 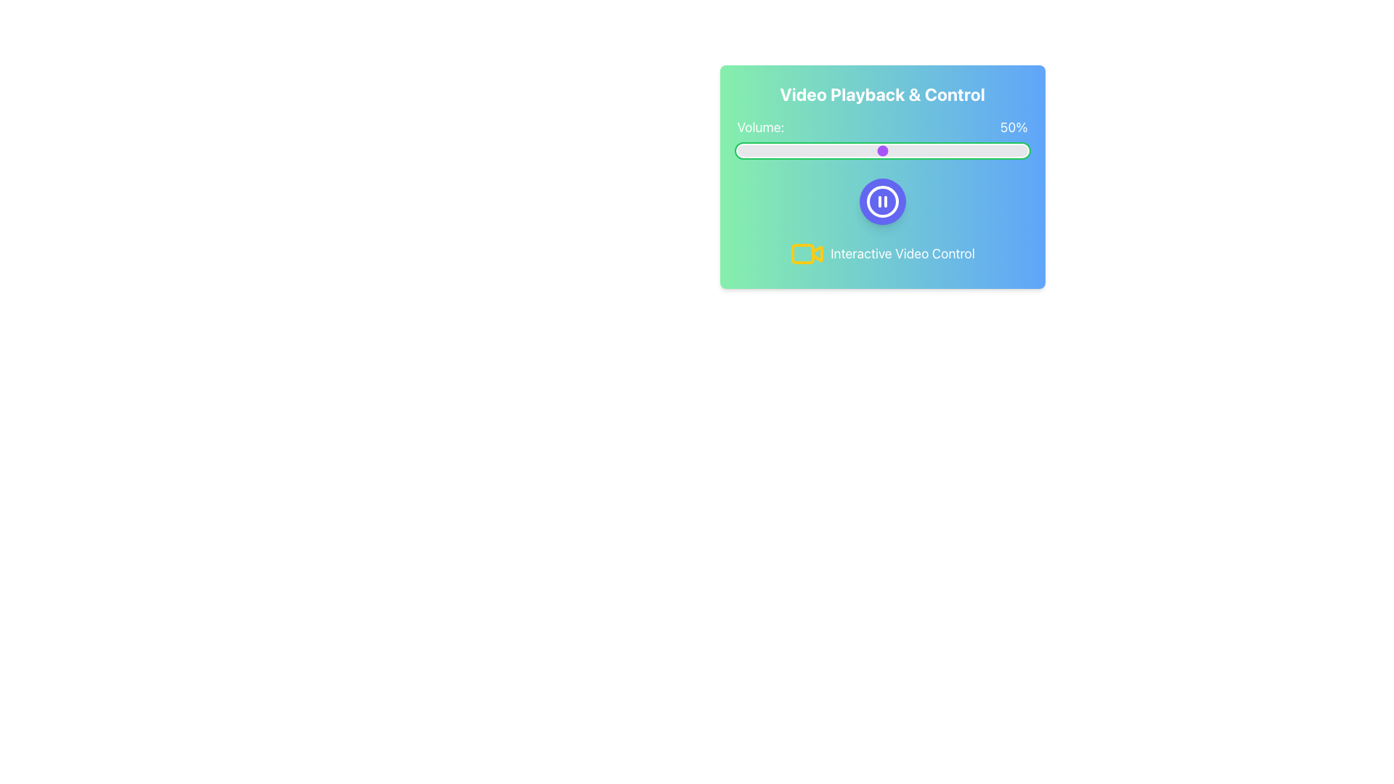 What do you see at coordinates (881, 201) in the screenshot?
I see `the central playback control button` at bounding box center [881, 201].